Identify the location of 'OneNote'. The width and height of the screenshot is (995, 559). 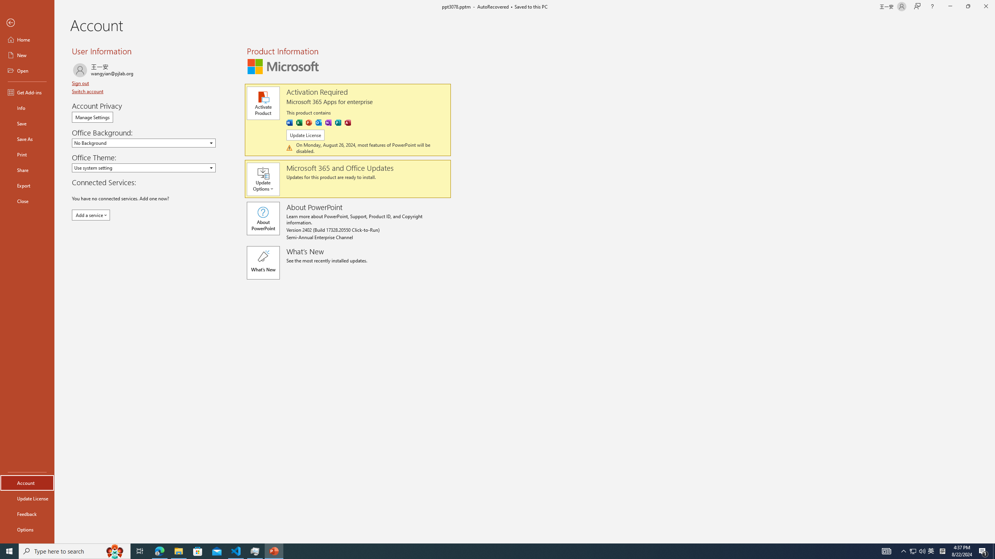
(328, 122).